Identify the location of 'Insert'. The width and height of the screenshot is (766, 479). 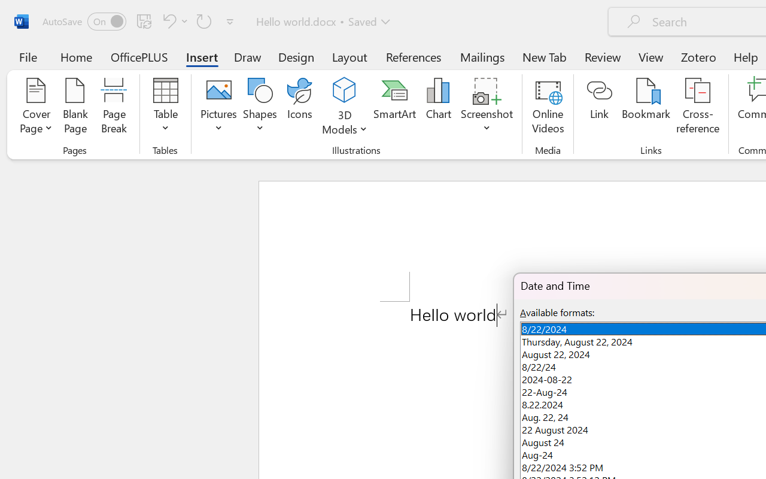
(202, 56).